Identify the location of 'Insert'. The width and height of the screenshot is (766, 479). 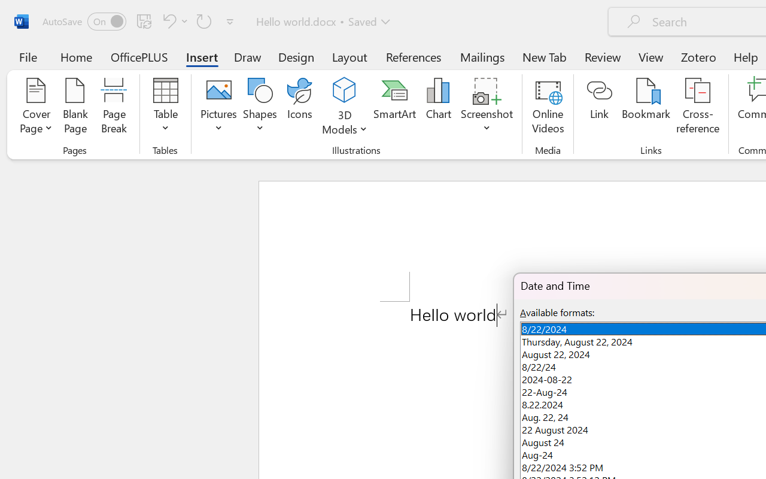
(202, 56).